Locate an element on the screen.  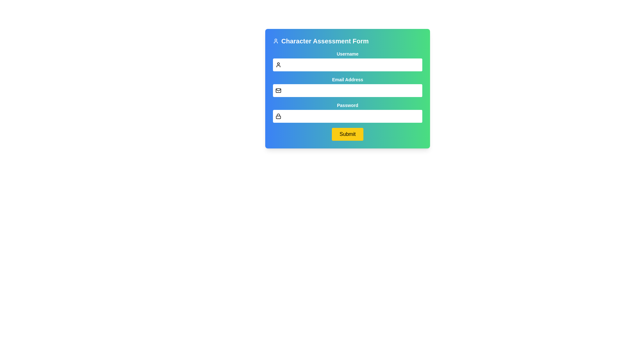
the decorative icon that serves as a visual indicator for the password input field, located to the left of the password field in the third section of the form is located at coordinates (278, 116).